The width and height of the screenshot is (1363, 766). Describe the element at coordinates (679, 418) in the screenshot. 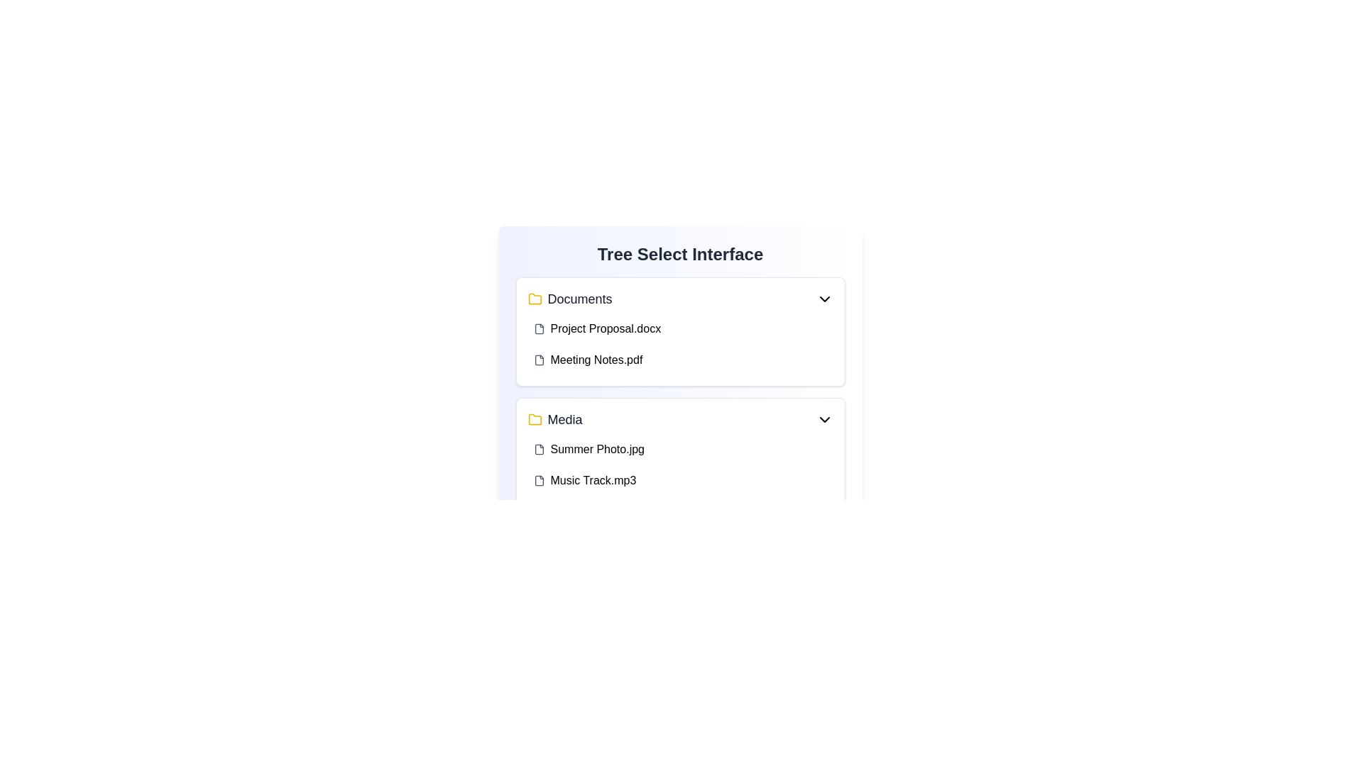

I see `the Collapsible Header with Icon and Text for further interactions, which allows users to expand or collapse the associated list of items under the 'Media' header` at that location.